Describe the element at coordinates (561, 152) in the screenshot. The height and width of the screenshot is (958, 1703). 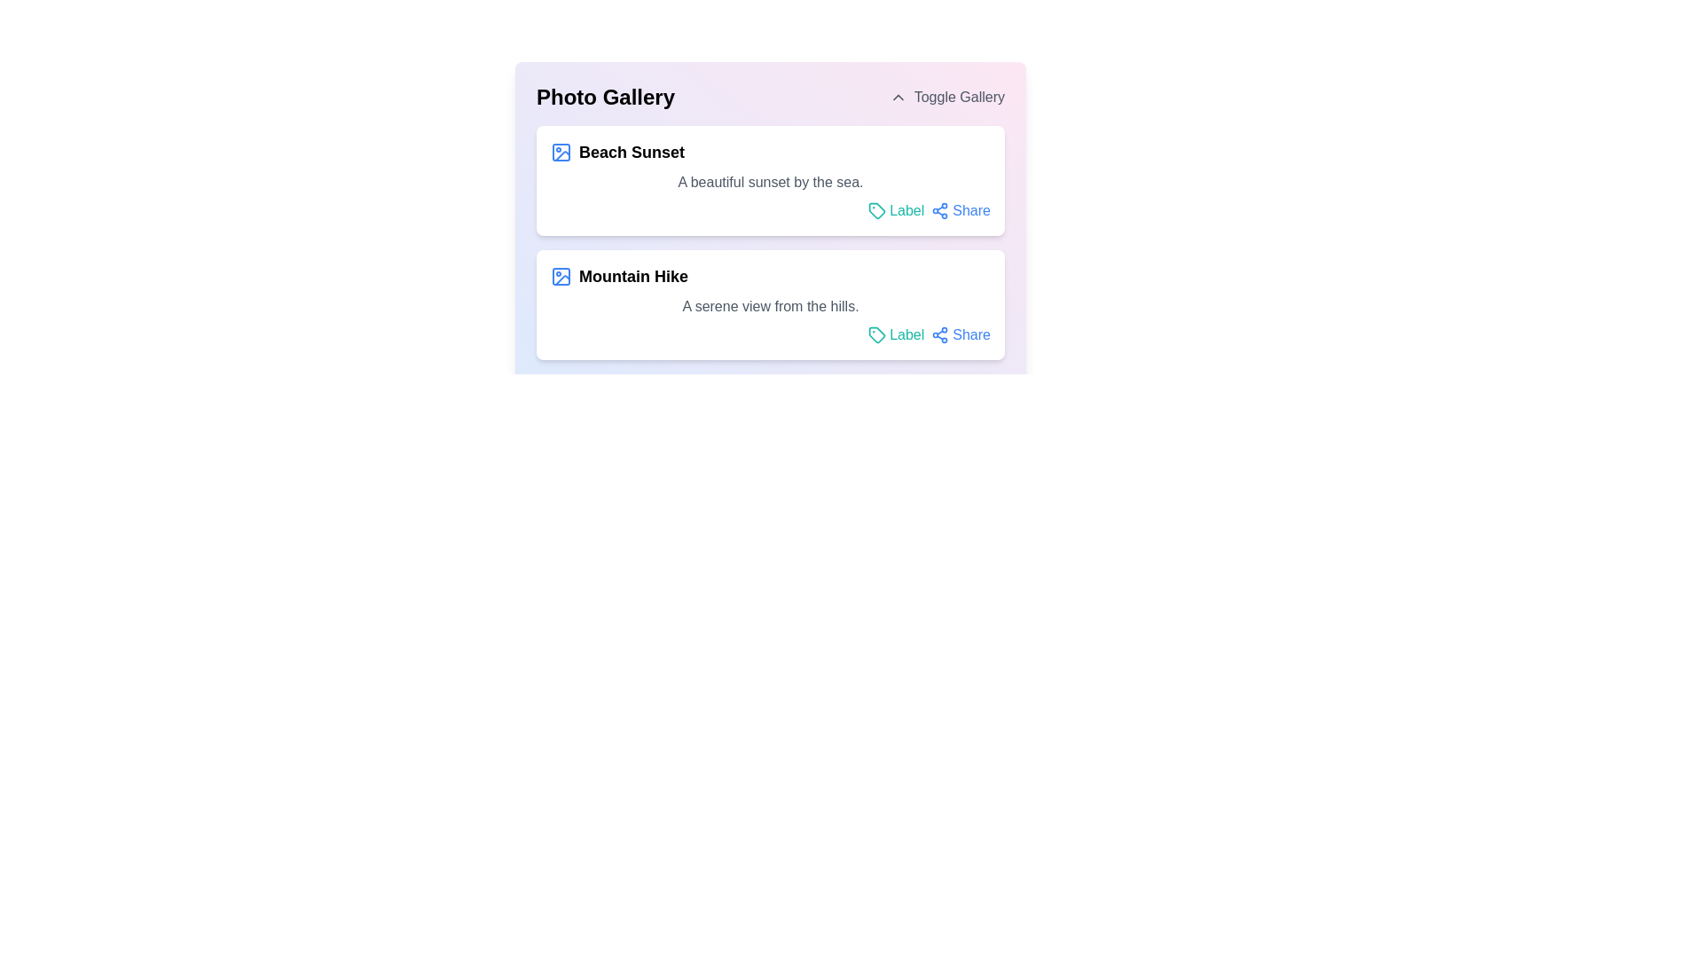
I see `the leading icon of the first item in the 'Photo Gallery' list` at that location.